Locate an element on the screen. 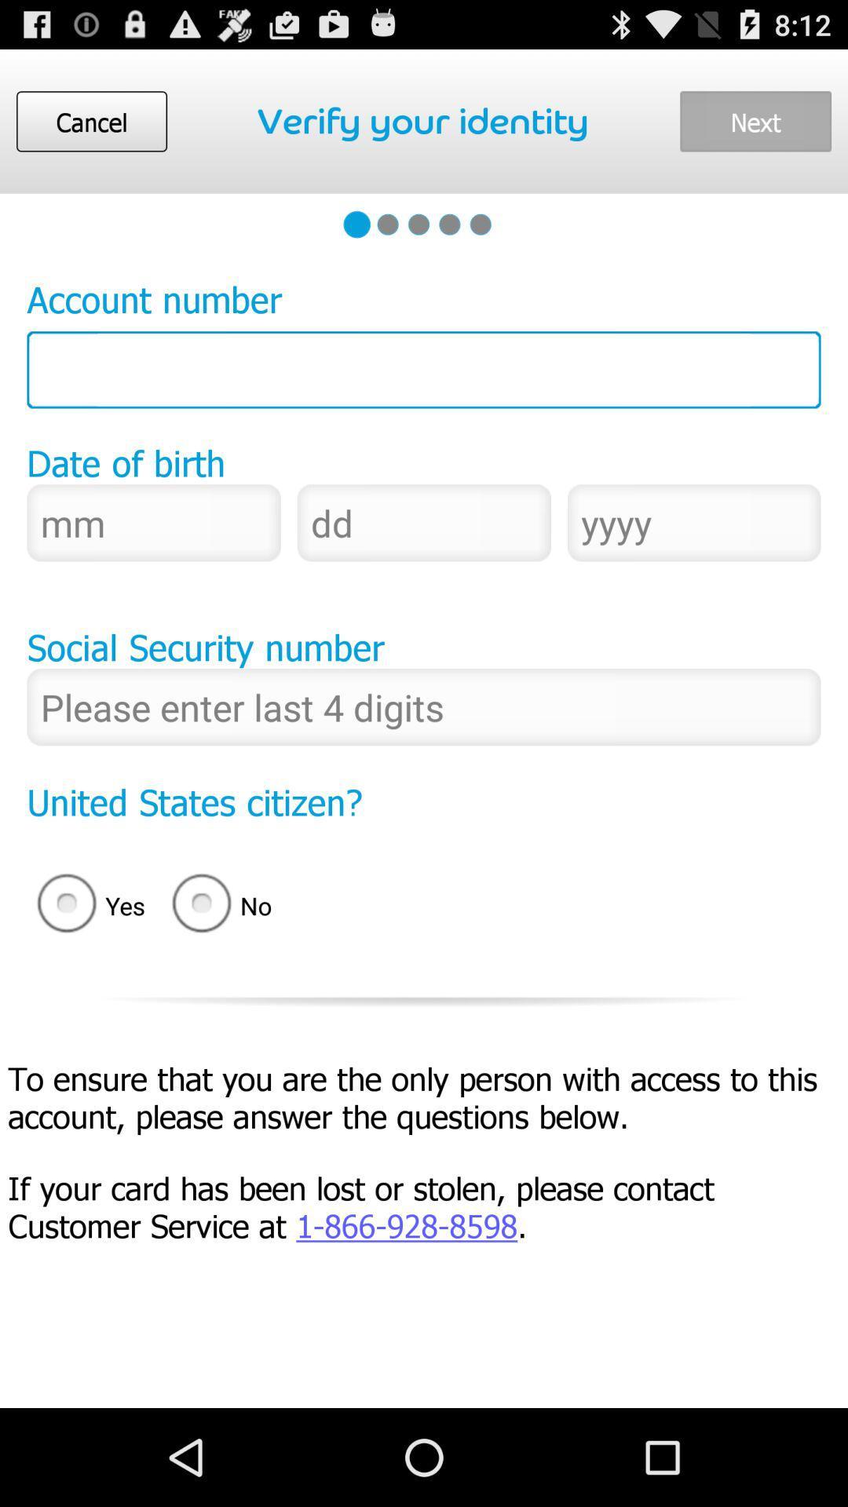  the next is located at coordinates (755, 120).